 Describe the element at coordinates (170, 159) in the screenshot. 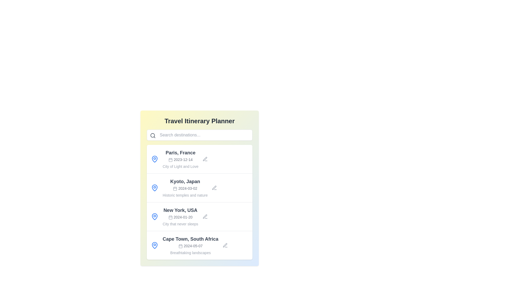

I see `the small calendar icon associated with the entry for 'Paris, France', located to the left of the date '2023-12-14'` at that location.